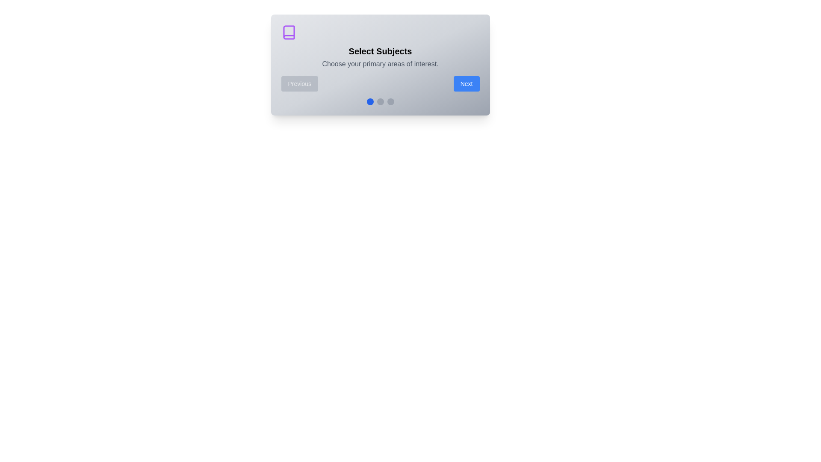 The image size is (821, 462). I want to click on the displayed icon to interact with it, so click(289, 32).